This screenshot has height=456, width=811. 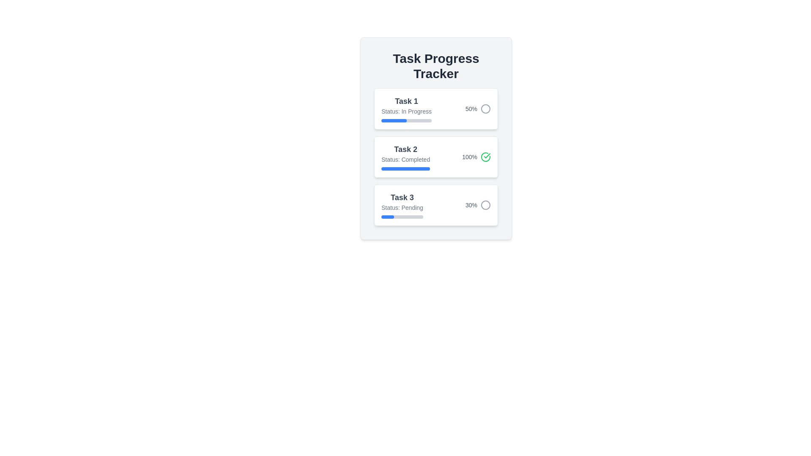 I want to click on the progress percentage indicator for Task 1, which shows '50%' next to a decorative icon in the top-right corner of the Task Progress Tracker box, so click(x=478, y=109).